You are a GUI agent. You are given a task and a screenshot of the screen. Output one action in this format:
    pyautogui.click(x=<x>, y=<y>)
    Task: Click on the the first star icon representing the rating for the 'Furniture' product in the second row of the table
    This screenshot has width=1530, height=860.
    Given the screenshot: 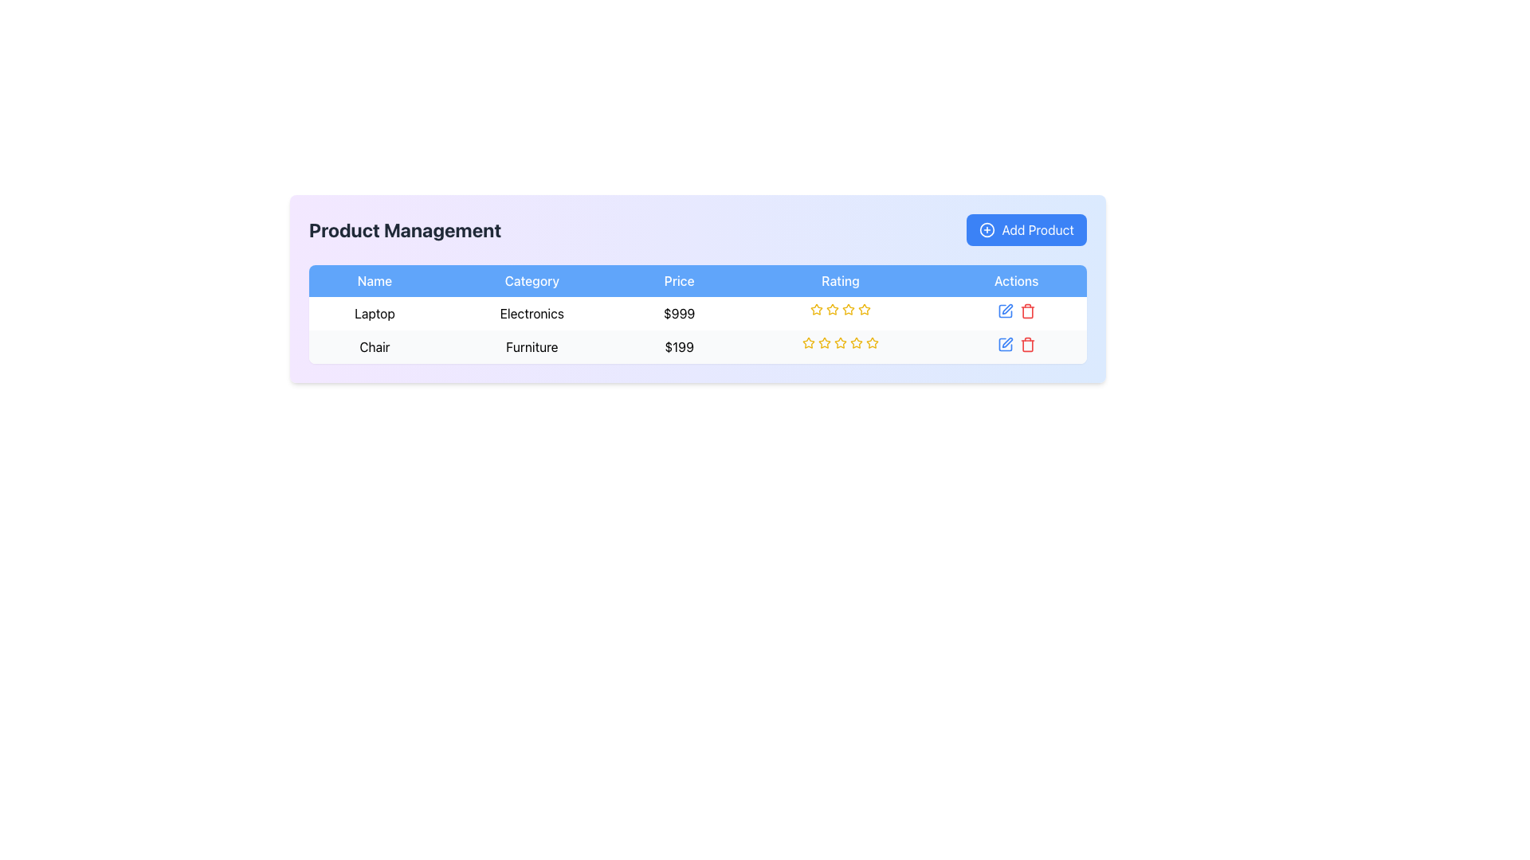 What is the action you would take?
    pyautogui.click(x=808, y=342)
    